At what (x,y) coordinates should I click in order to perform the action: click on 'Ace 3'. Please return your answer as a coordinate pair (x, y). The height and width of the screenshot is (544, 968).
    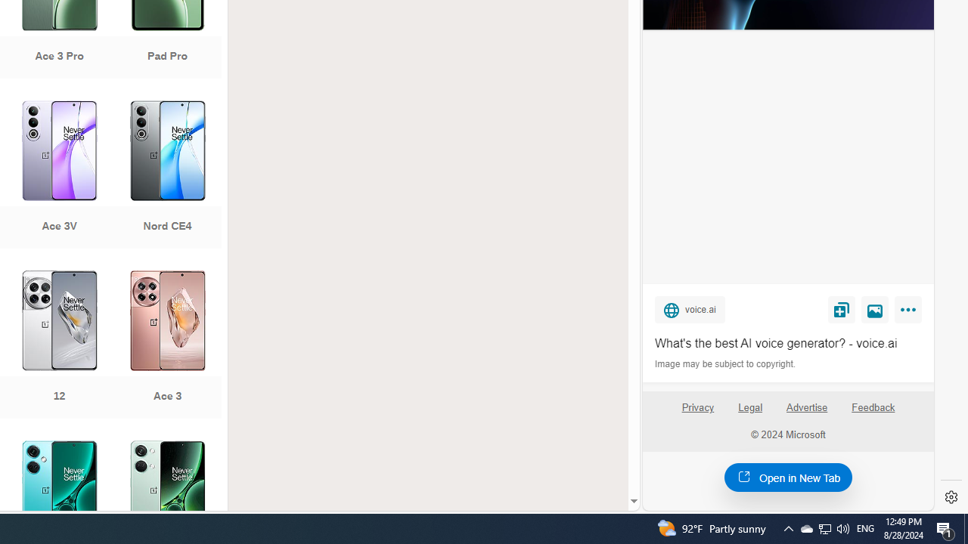
    Looking at the image, I should click on (167, 346).